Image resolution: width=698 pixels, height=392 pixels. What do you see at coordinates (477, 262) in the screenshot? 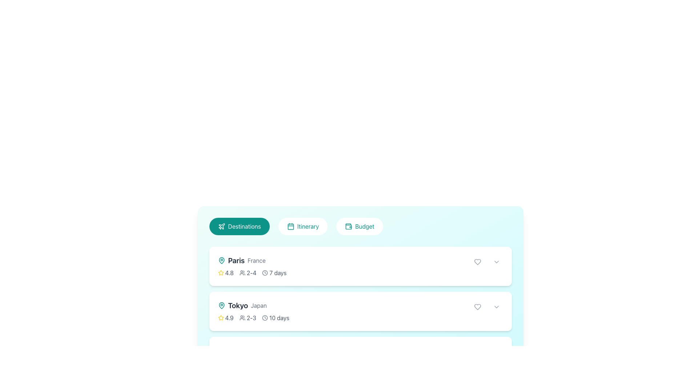
I see `the 'favorite' button located in the top-right corner of the destination card` at bounding box center [477, 262].